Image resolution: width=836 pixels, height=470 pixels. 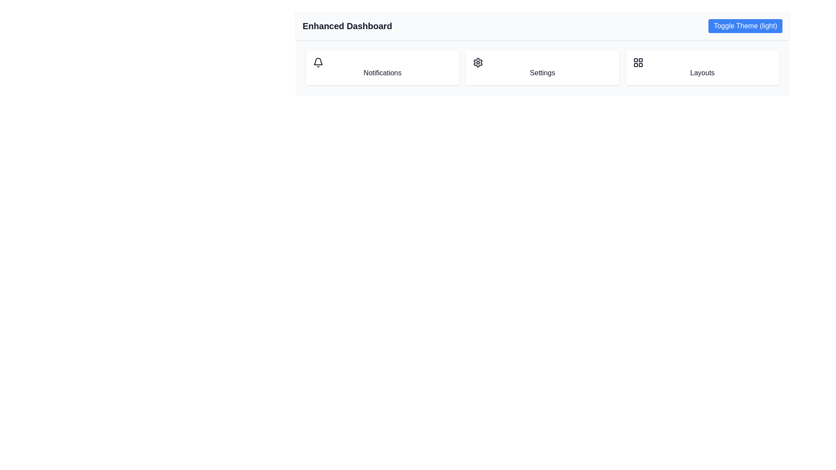 I want to click on the theme toggle button located at the top-right corner of the interface, near the 'Enhanced Dashboard' text, to switch between light and dark modes, so click(x=745, y=26).